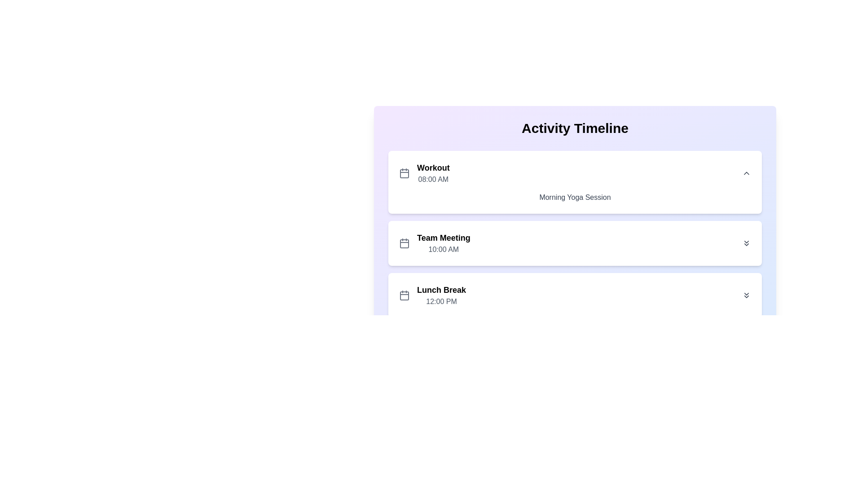 The image size is (862, 485). What do you see at coordinates (433, 180) in the screenshot?
I see `the text label displaying the time '08:00 AM' located below the 'Workout' label in the activity timeline interface` at bounding box center [433, 180].